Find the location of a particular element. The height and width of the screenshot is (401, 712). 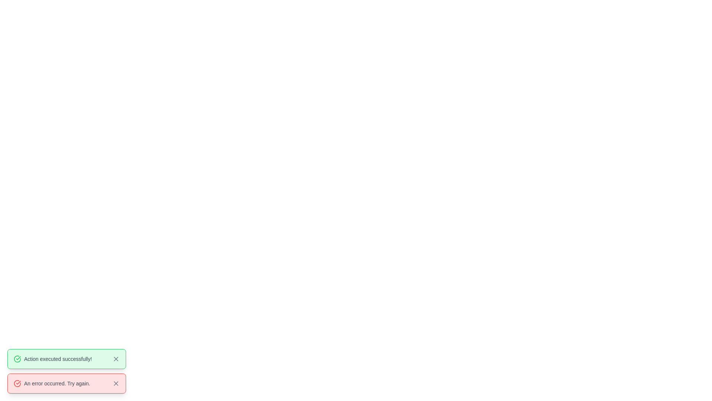

error message from the second notification box located near the bottom-left area of the interface is located at coordinates (67, 384).